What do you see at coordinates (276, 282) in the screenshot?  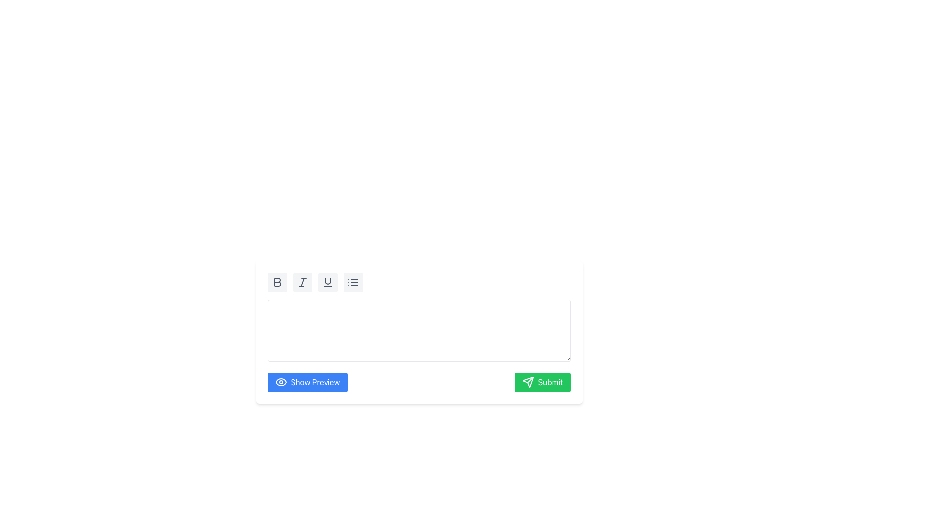 I see `the bold button represented by a letter 'B'` at bounding box center [276, 282].